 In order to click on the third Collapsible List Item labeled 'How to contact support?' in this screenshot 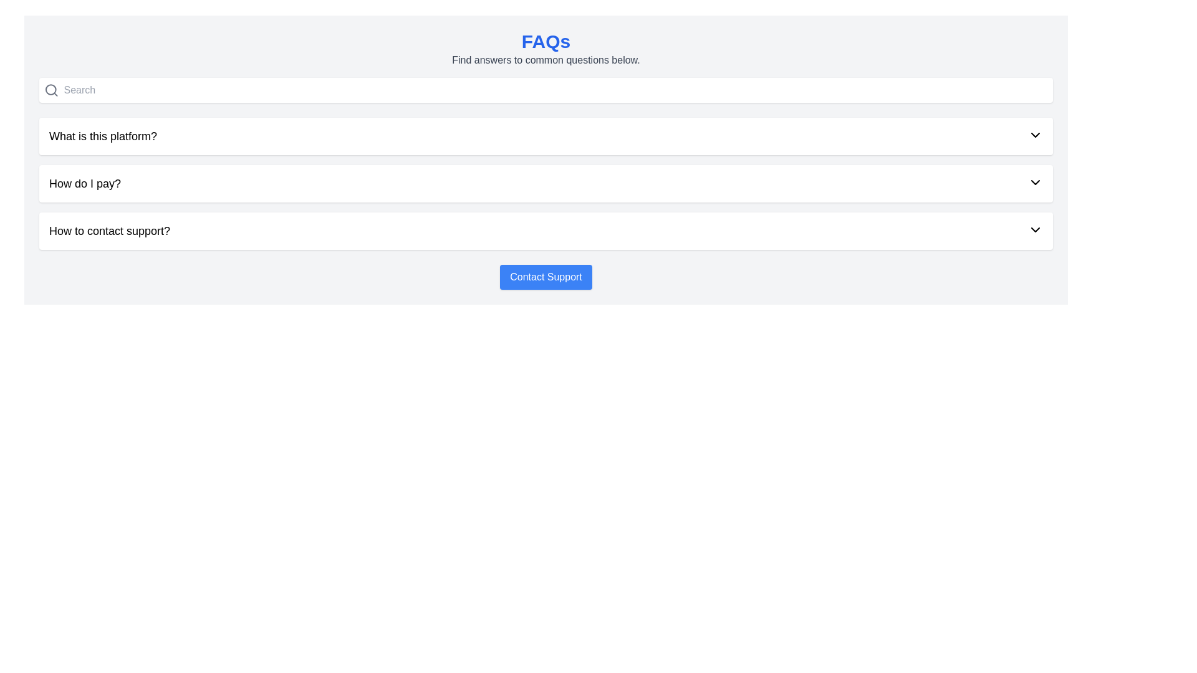, I will do `click(546, 231)`.